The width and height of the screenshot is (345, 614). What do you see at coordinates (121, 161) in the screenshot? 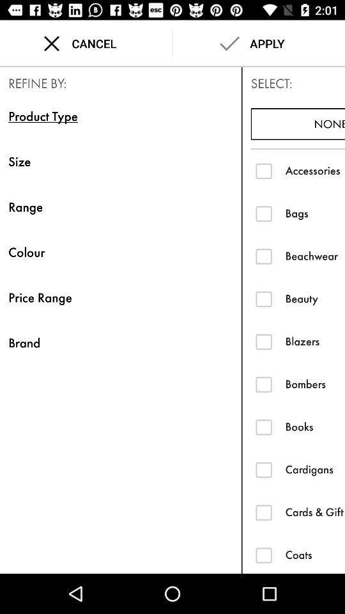
I see `size` at bounding box center [121, 161].